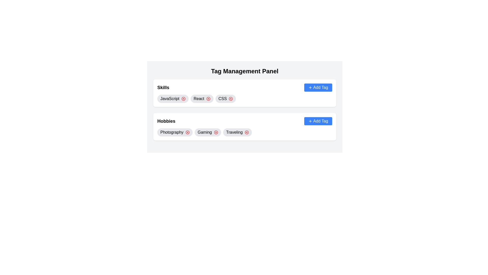  Describe the element at coordinates (187, 132) in the screenshot. I see `the circular icon with a cross symbol` at that location.